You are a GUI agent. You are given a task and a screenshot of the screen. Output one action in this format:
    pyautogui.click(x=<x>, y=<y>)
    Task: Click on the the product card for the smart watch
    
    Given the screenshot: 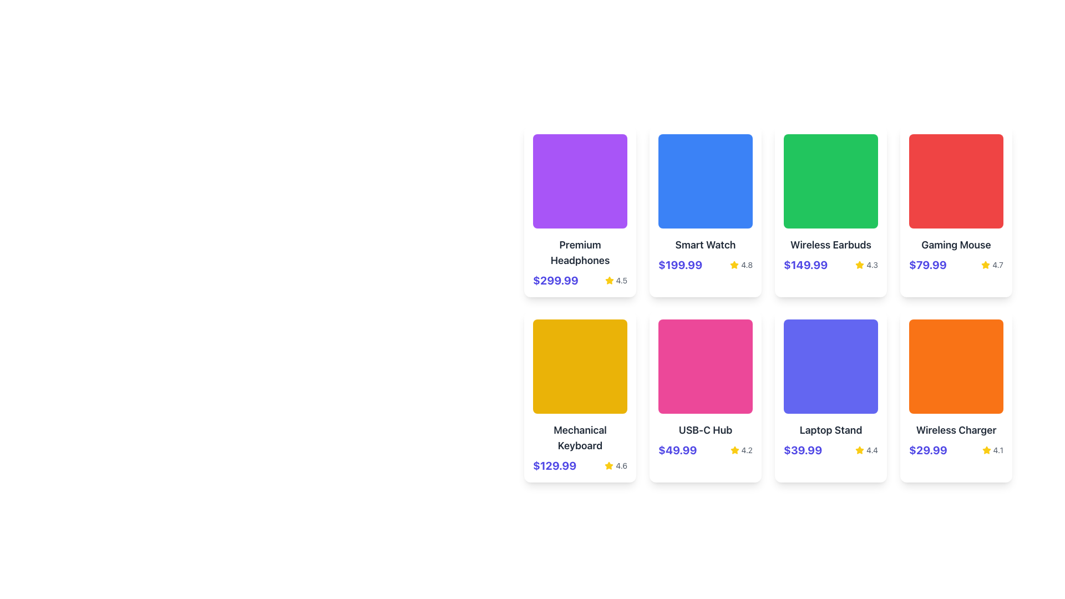 What is the action you would take?
    pyautogui.click(x=705, y=211)
    